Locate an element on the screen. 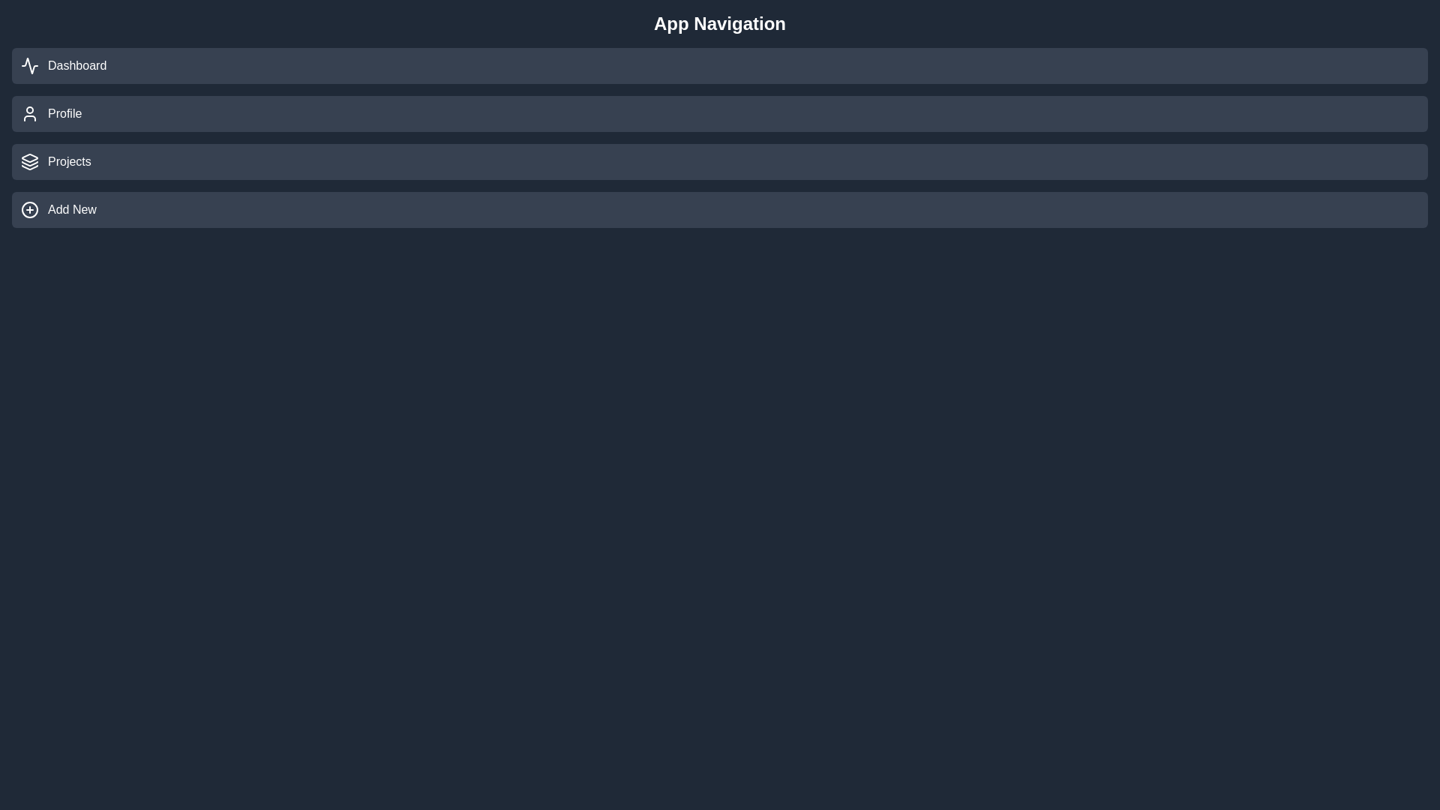 The width and height of the screenshot is (1440, 810). the Dashboard icon, which is an SVG graphic representing the dashboard feature within the topmost navigation item is located at coordinates (29, 65).